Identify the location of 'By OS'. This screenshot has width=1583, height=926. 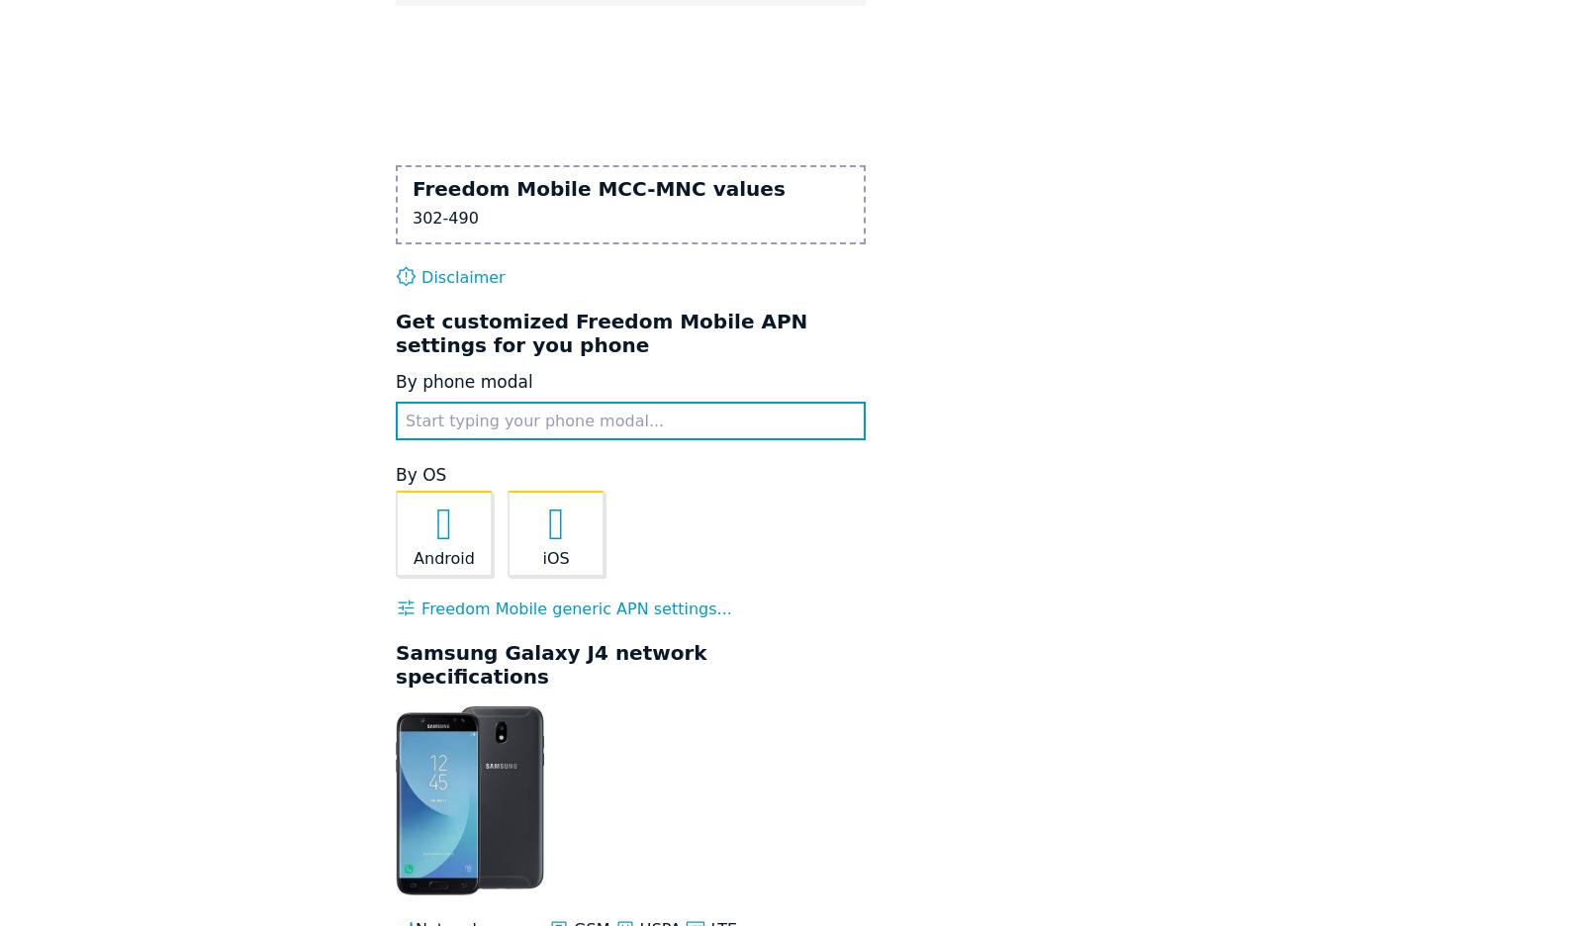
(419, 473).